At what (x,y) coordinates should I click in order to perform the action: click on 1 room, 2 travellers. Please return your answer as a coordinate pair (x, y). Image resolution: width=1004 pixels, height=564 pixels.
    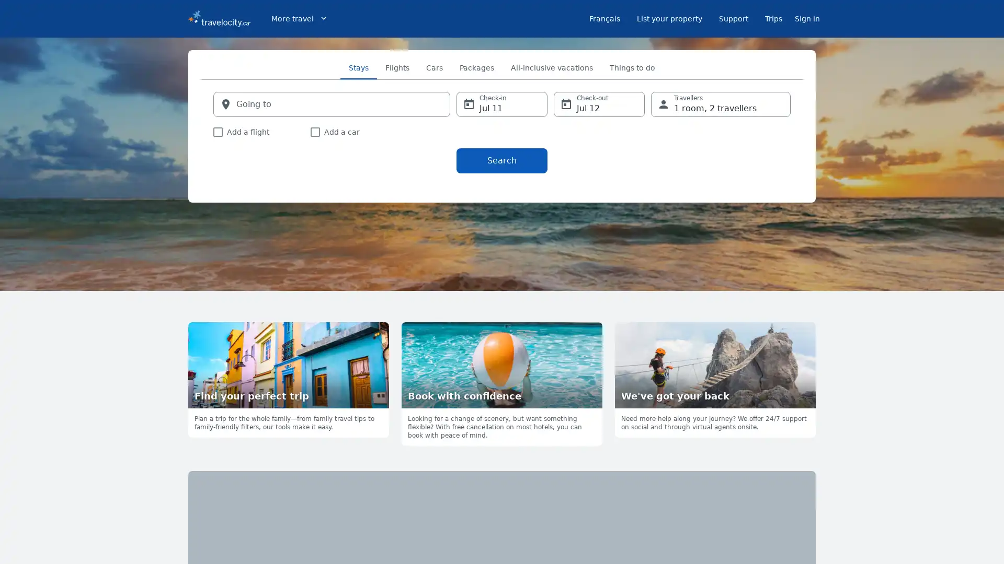
    Looking at the image, I should click on (720, 104).